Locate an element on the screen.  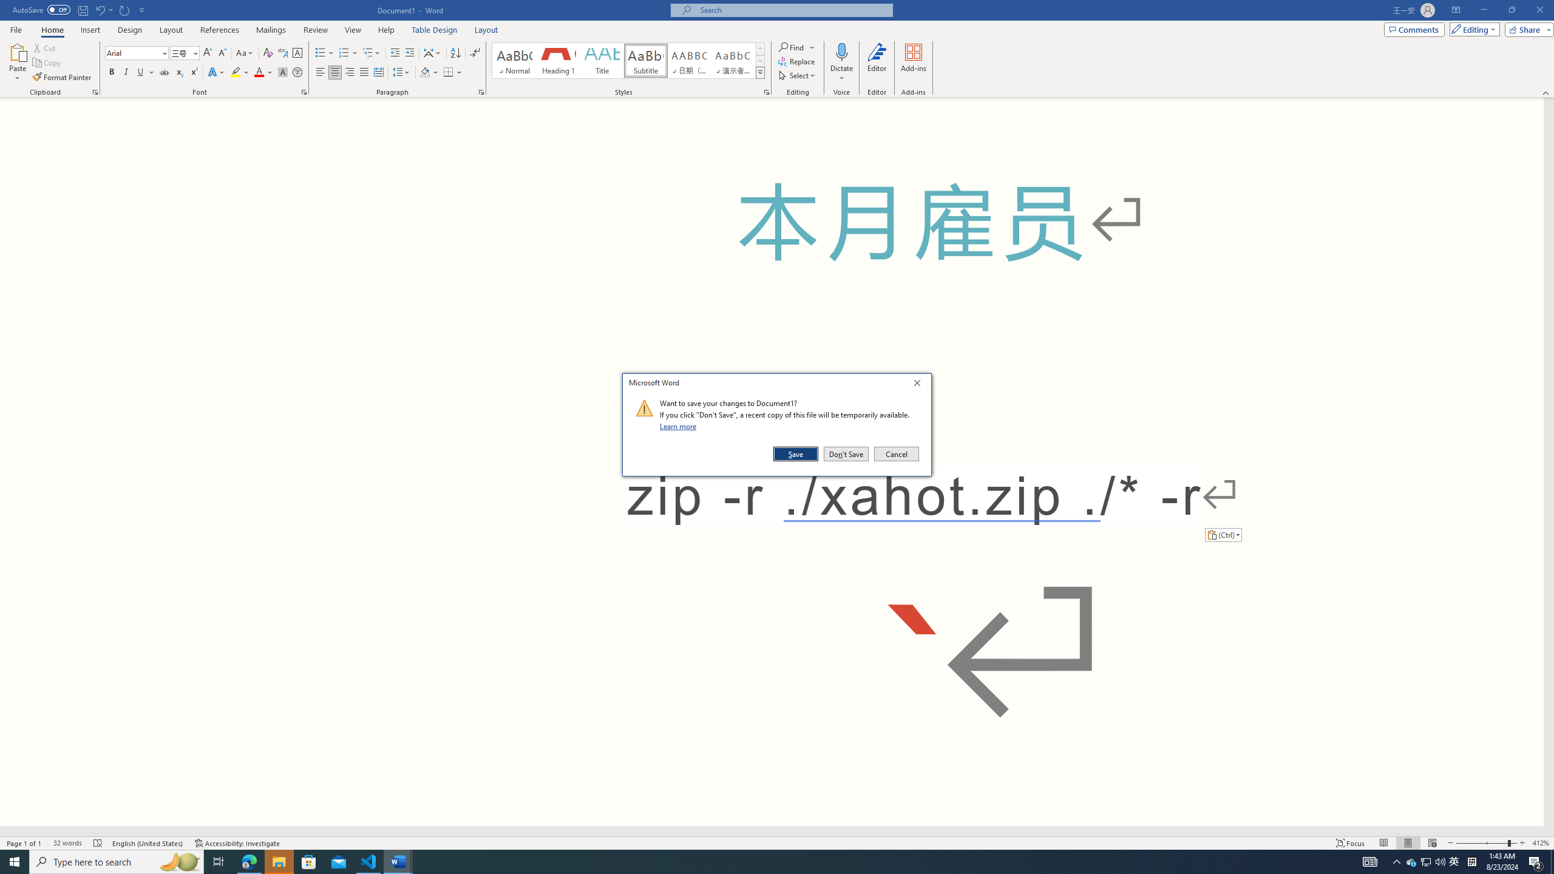
'Cancel' is located at coordinates (895, 453).